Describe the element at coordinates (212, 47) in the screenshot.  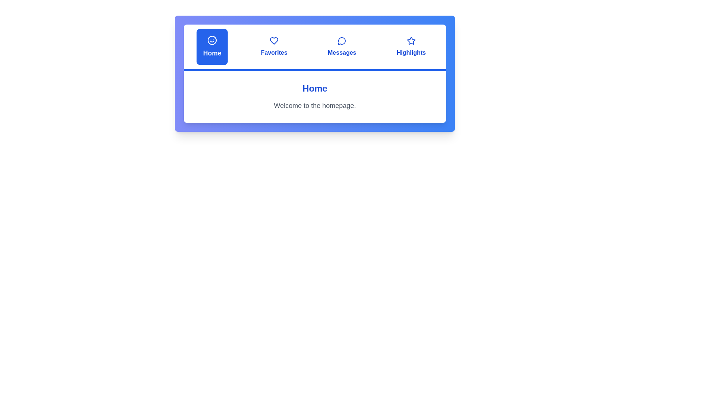
I see `the tab labeled Home` at that location.